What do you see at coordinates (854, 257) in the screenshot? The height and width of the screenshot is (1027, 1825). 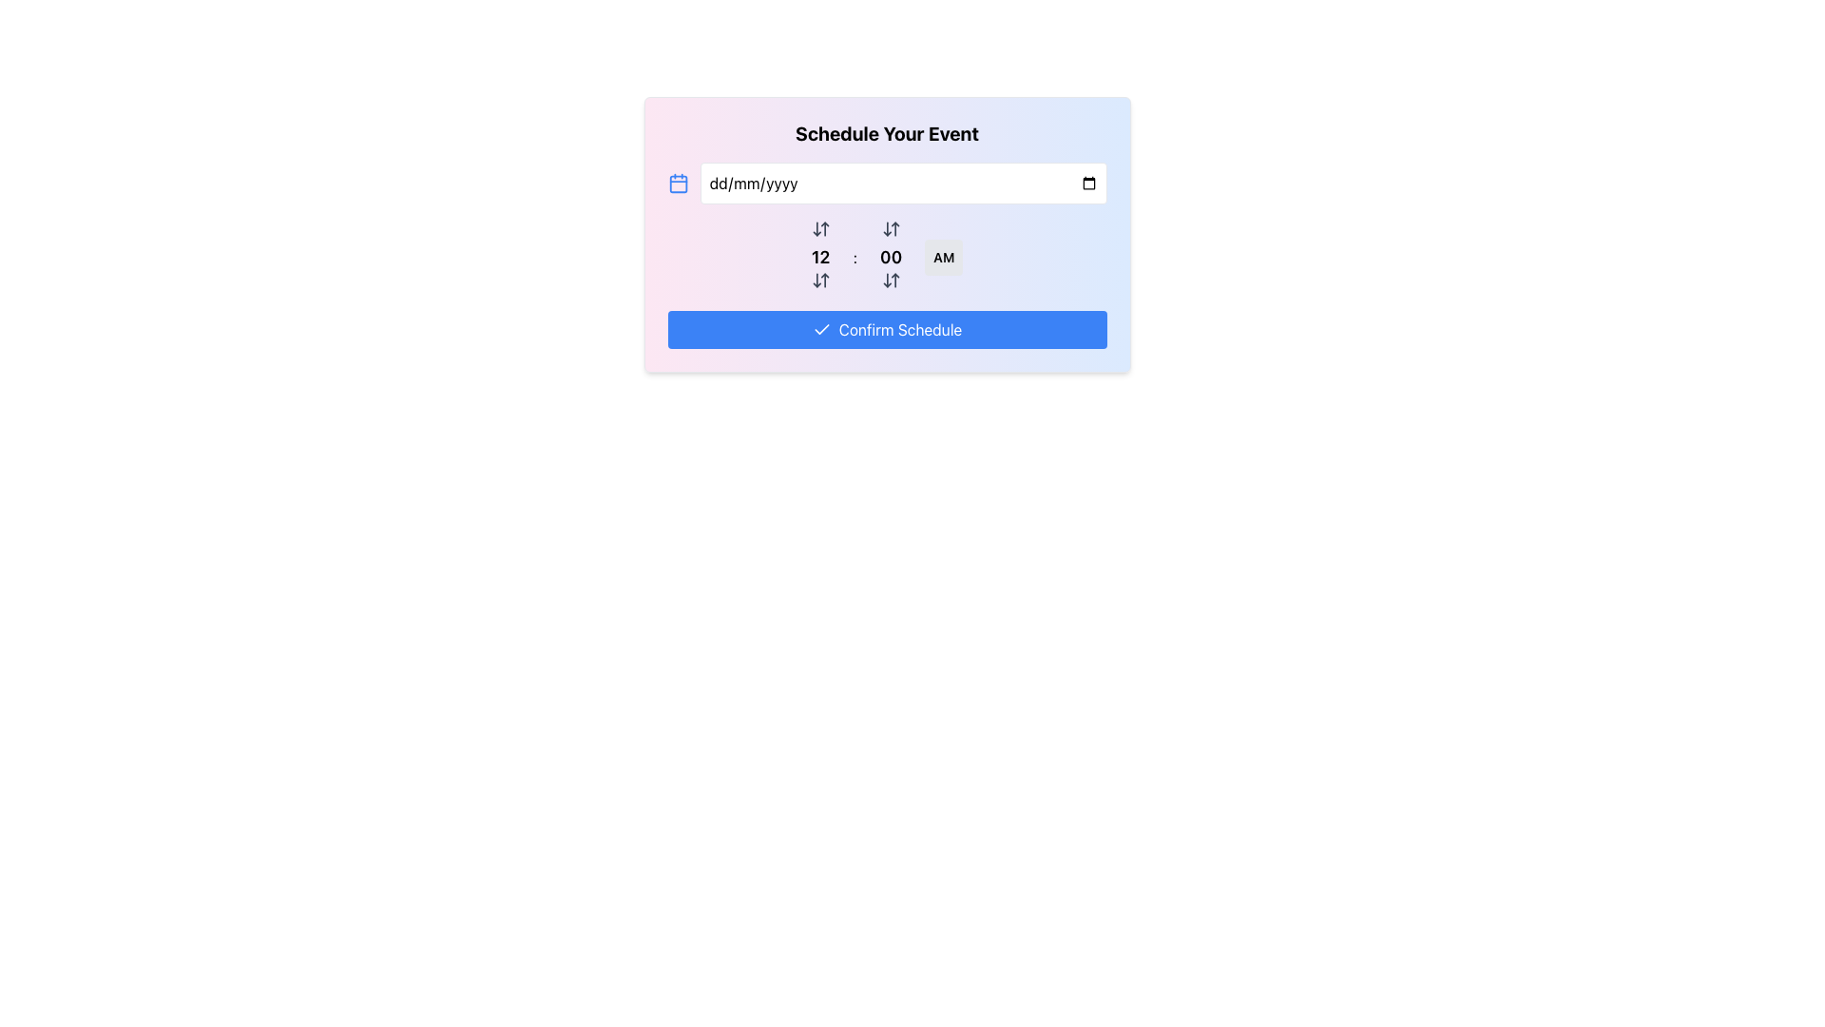 I see `the central text label that separates hours and minutes in the time setting interface, positioned between the numeric elements '12' and '00'` at bounding box center [854, 257].